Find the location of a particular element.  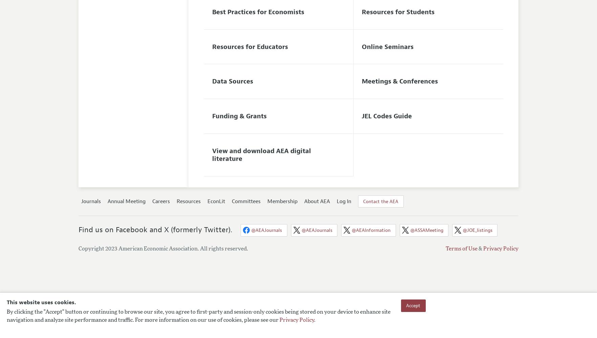

'Best Practices for Economists' is located at coordinates (258, 12).